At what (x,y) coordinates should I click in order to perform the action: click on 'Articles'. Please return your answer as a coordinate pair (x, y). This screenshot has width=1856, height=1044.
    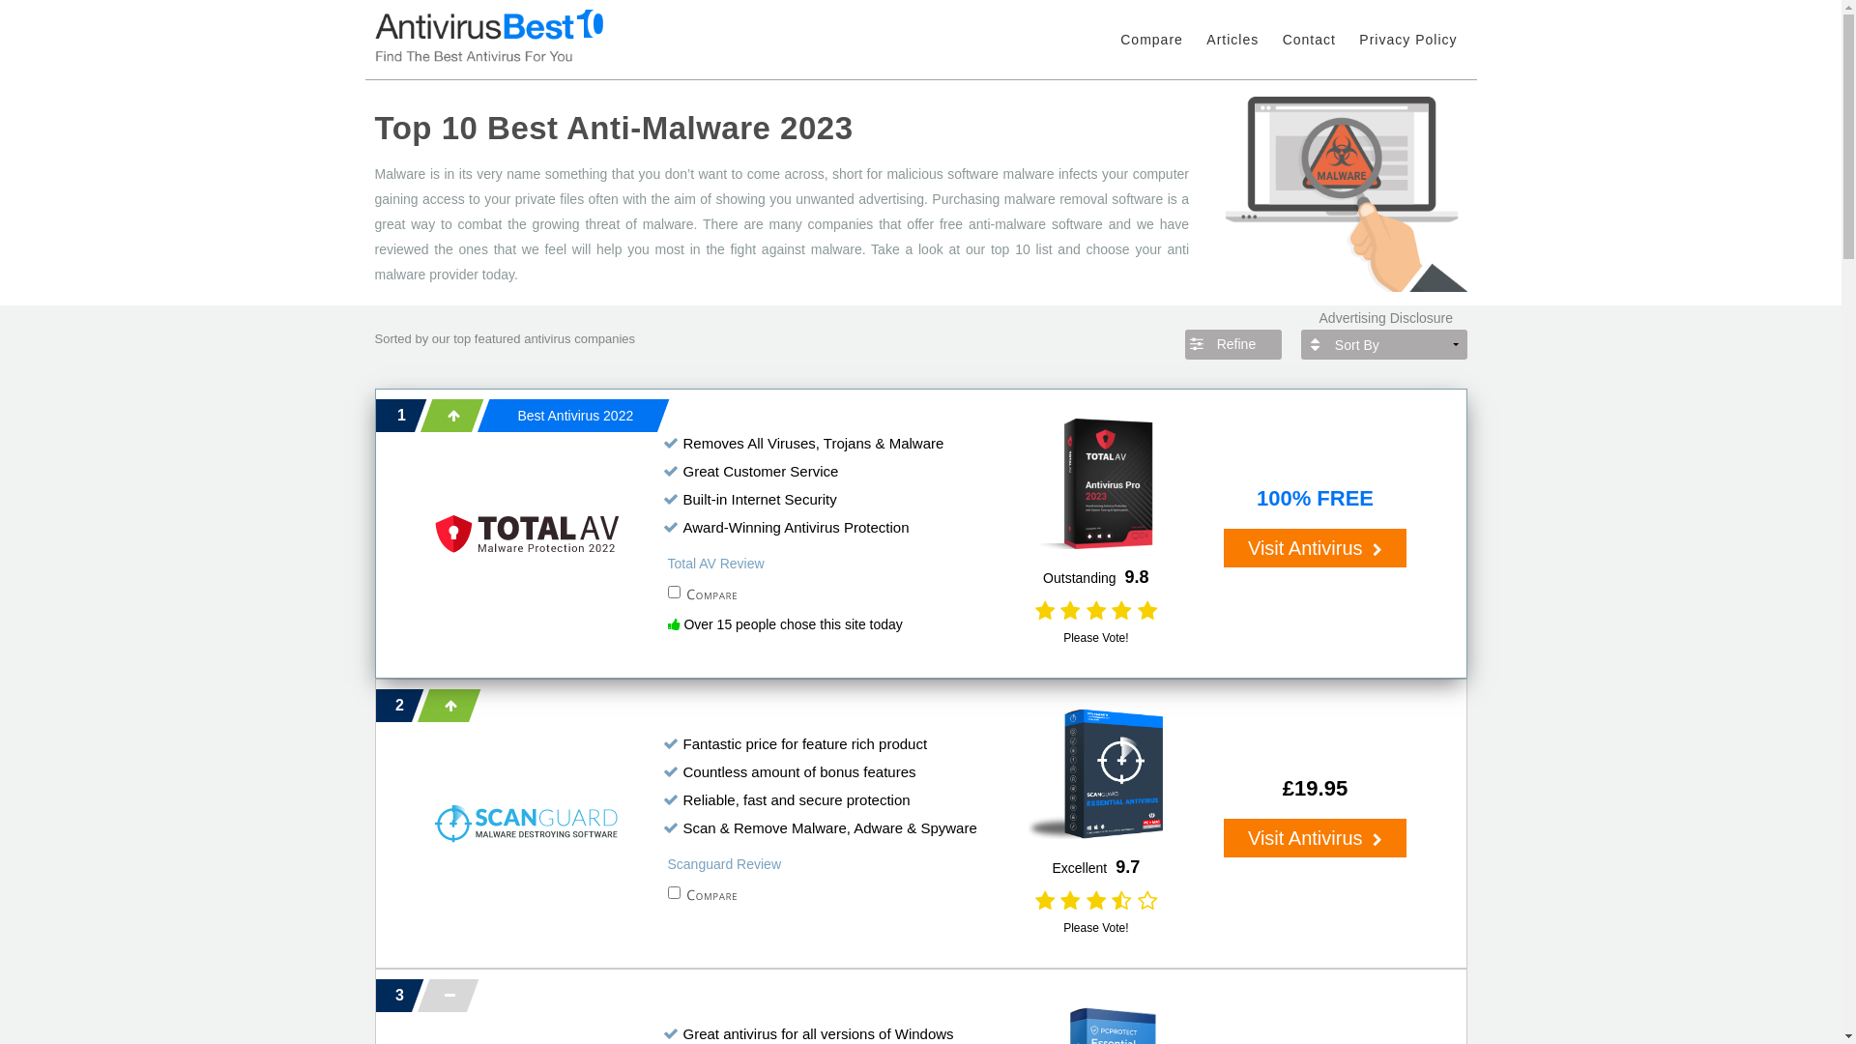
    Looking at the image, I should click on (1196, 47).